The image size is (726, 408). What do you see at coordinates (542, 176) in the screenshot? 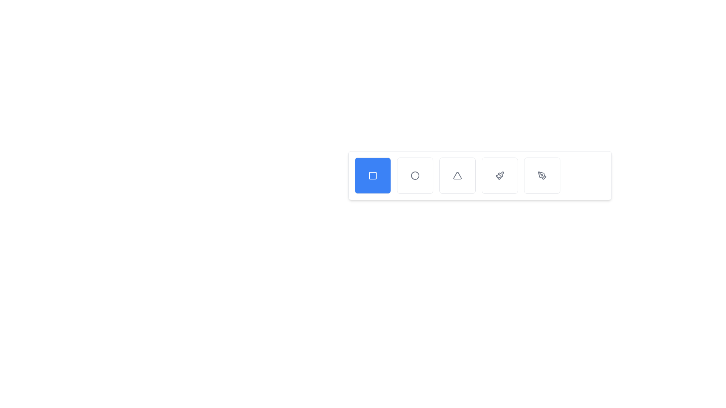
I see `the interactive button with a gray pen tool icon at the far-right end of the button row` at bounding box center [542, 176].